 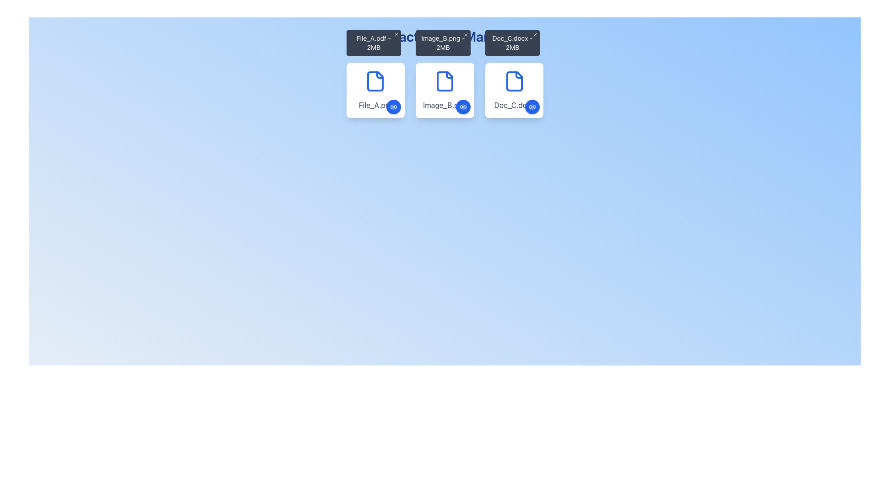 What do you see at coordinates (532, 107) in the screenshot?
I see `the eye icon button` at bounding box center [532, 107].